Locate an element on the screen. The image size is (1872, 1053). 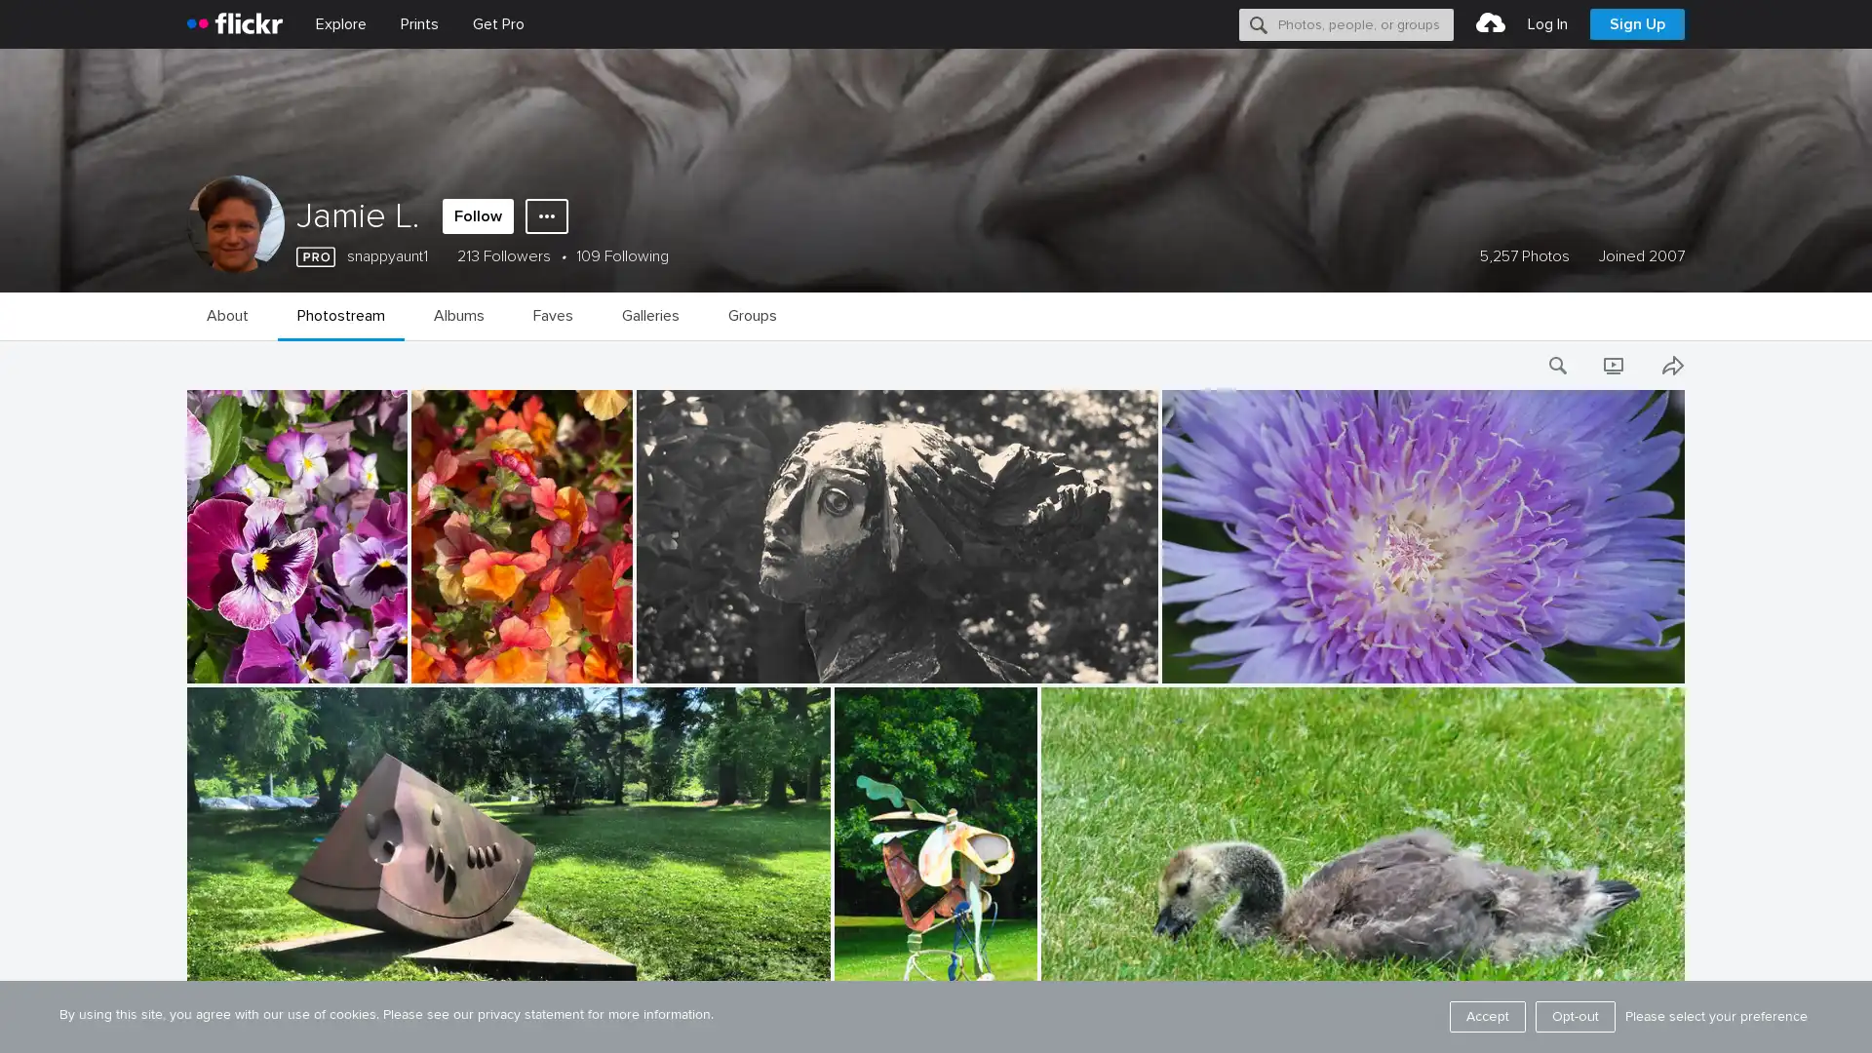
Search is located at coordinates (1259, 23).